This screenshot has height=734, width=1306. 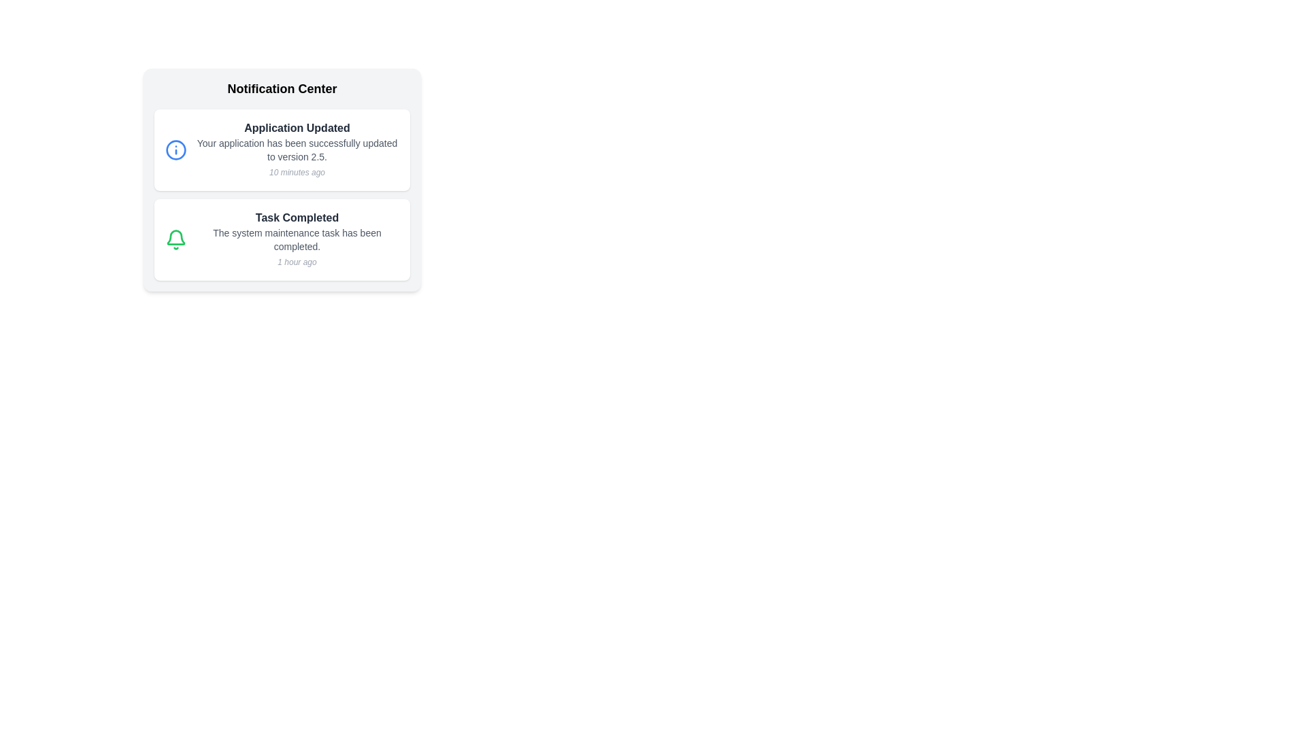 What do you see at coordinates (175, 237) in the screenshot?
I see `the bell-shaped graphical icon located in the lower notification box titled 'Task Completed', which serves as an informative visual indicator` at bounding box center [175, 237].